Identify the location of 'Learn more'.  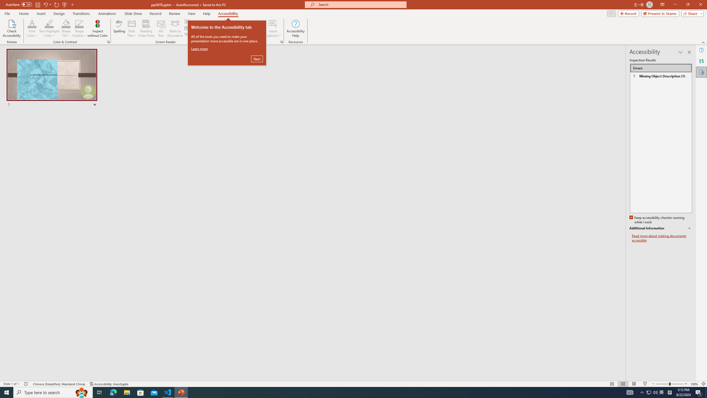
(199, 49).